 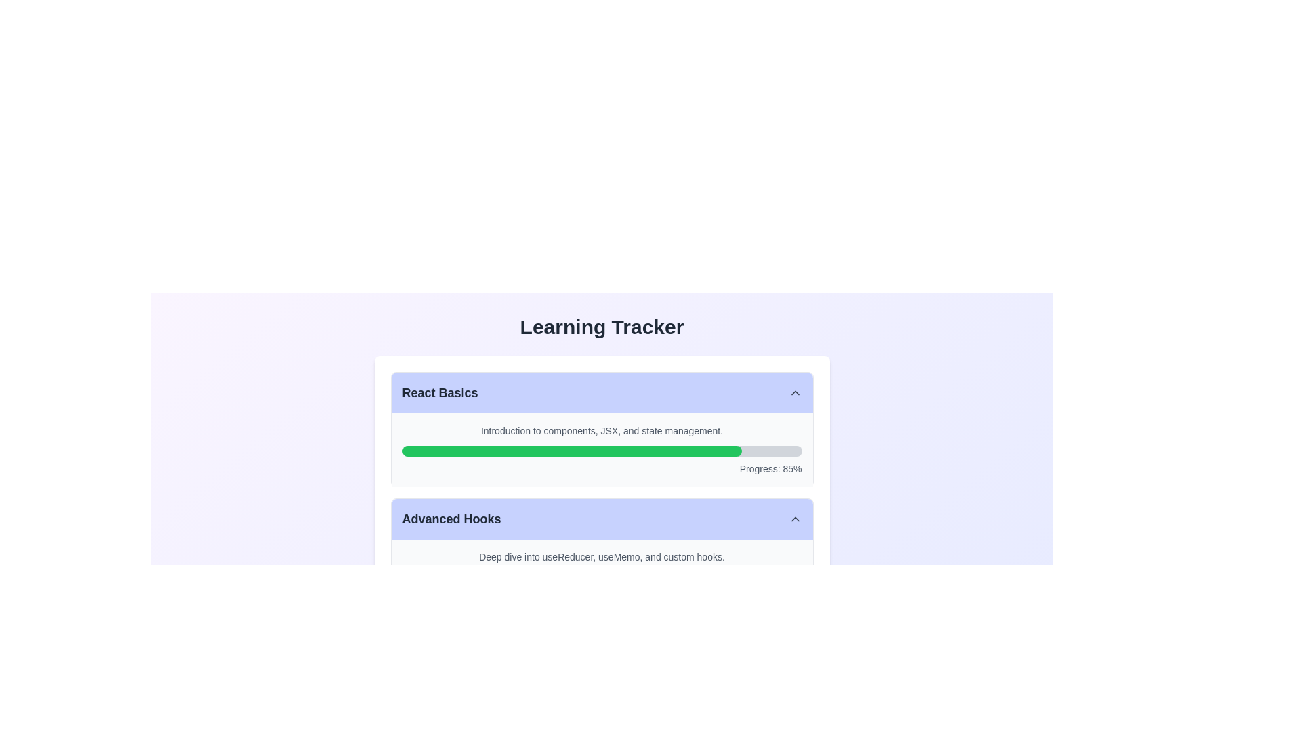 I want to click on the upward-pointing chevron icon located at the right end of the title bar labeled 'Advanced Hooks', so click(x=795, y=518).